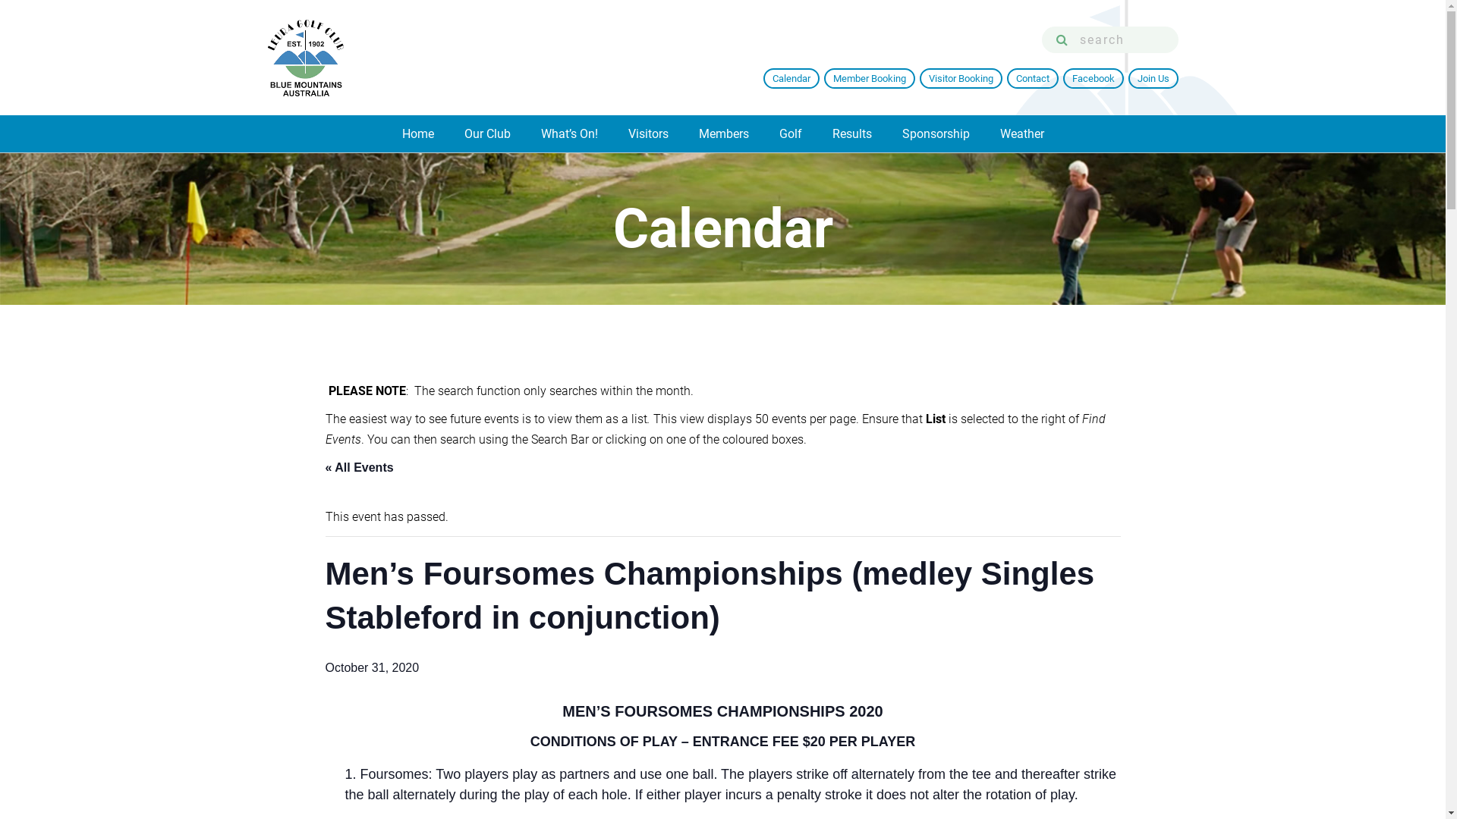 The width and height of the screenshot is (1457, 819). I want to click on 'Facebook', so click(1093, 78).